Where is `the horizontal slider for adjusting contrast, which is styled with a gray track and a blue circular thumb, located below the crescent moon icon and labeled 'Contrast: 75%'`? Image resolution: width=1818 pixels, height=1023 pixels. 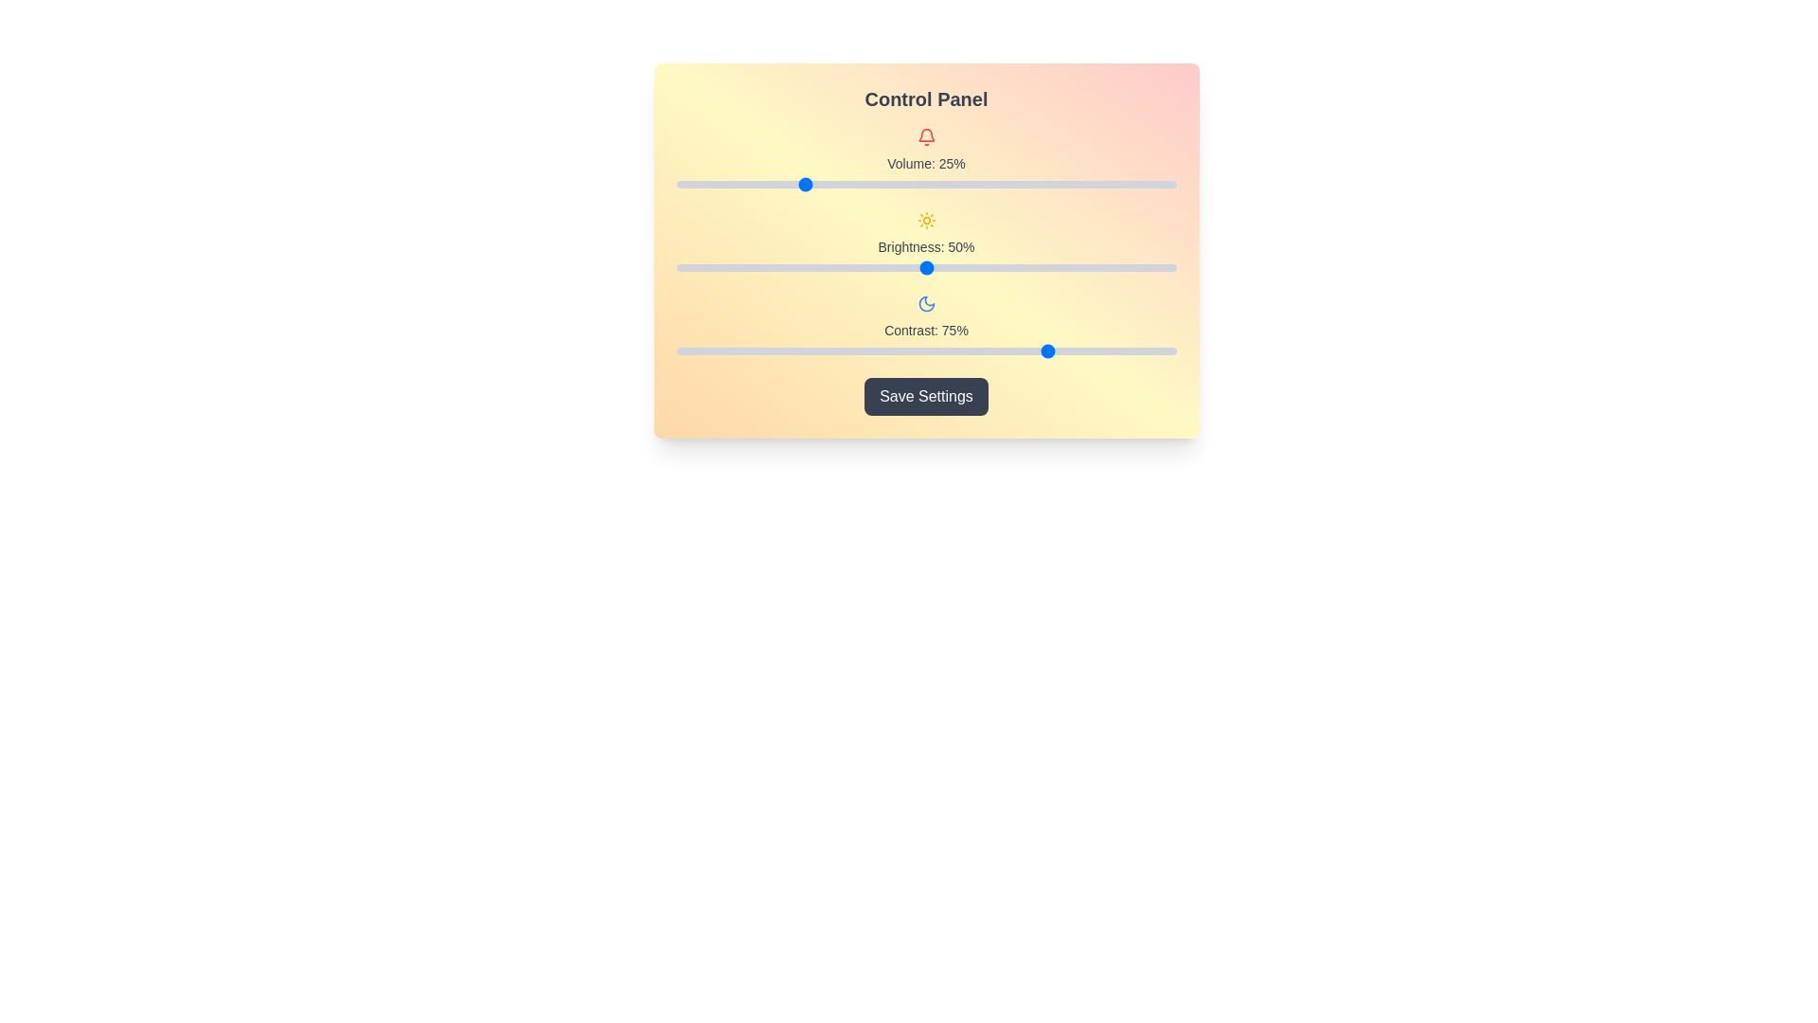
the horizontal slider for adjusting contrast, which is styled with a gray track and a blue circular thumb, located below the crescent moon icon and labeled 'Contrast: 75%' is located at coordinates (926, 350).